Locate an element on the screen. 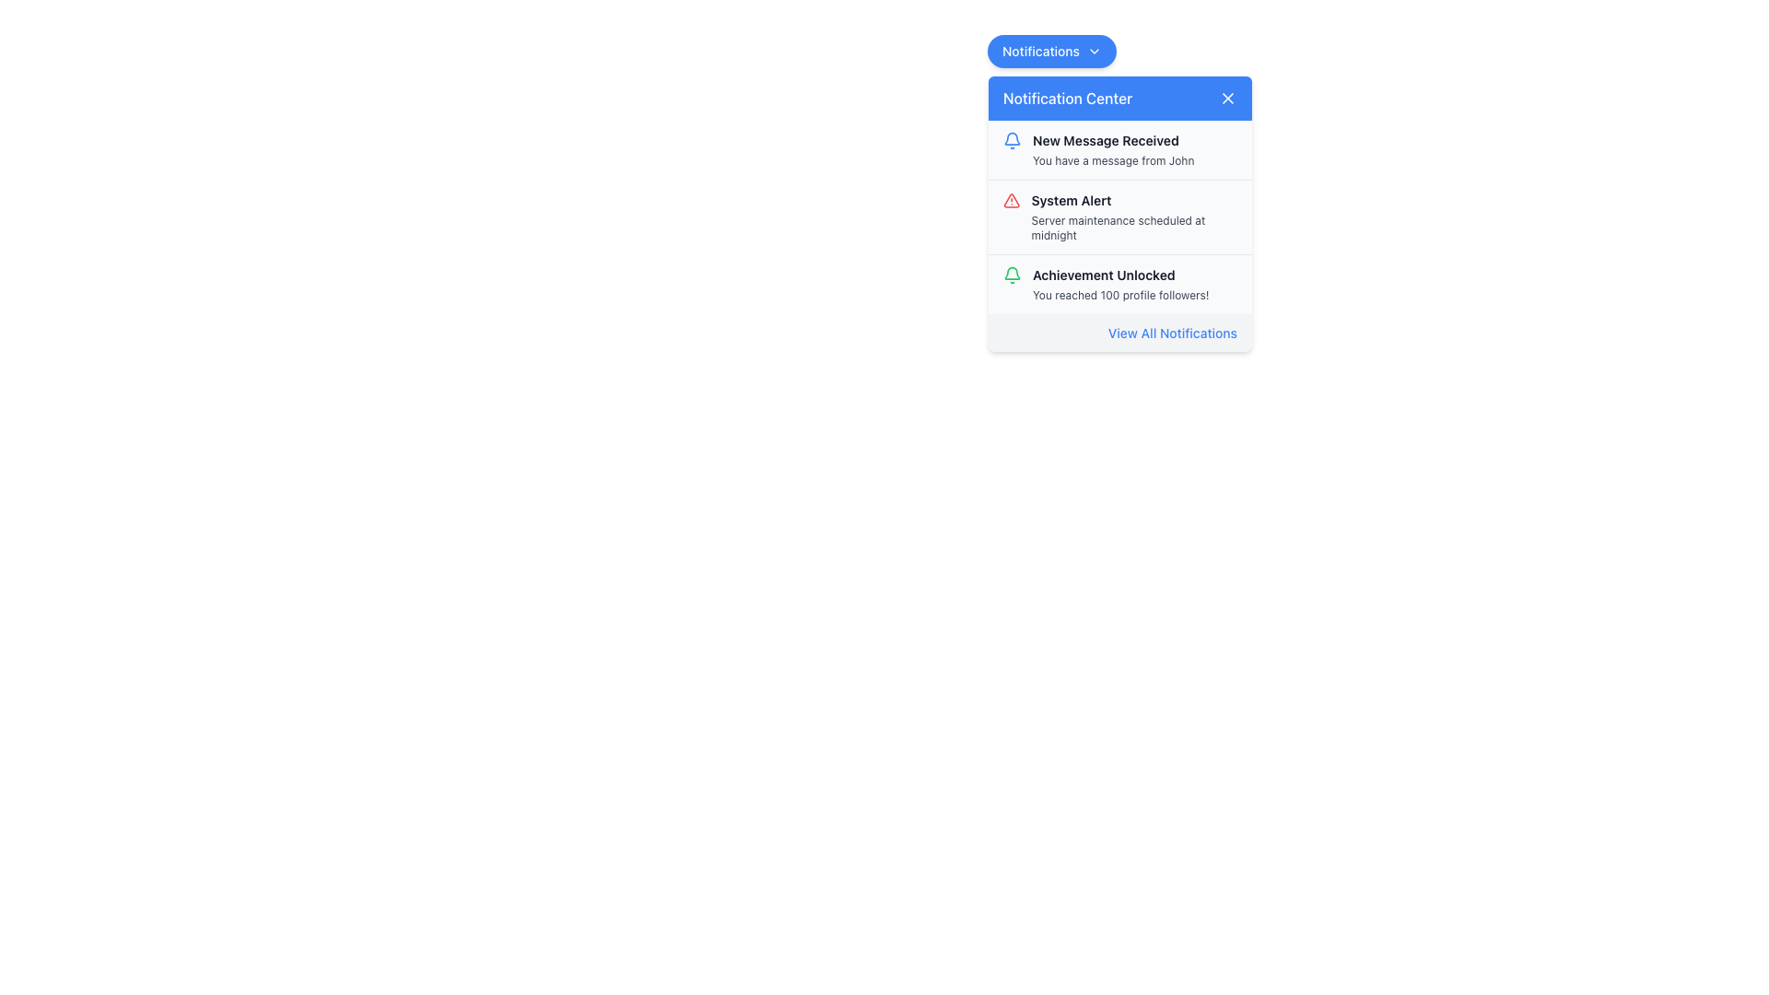  title of the notification pop-up from the static text label, which is located at the top section of the notification pop-up, centered within the blue header bar is located at coordinates (1068, 99).